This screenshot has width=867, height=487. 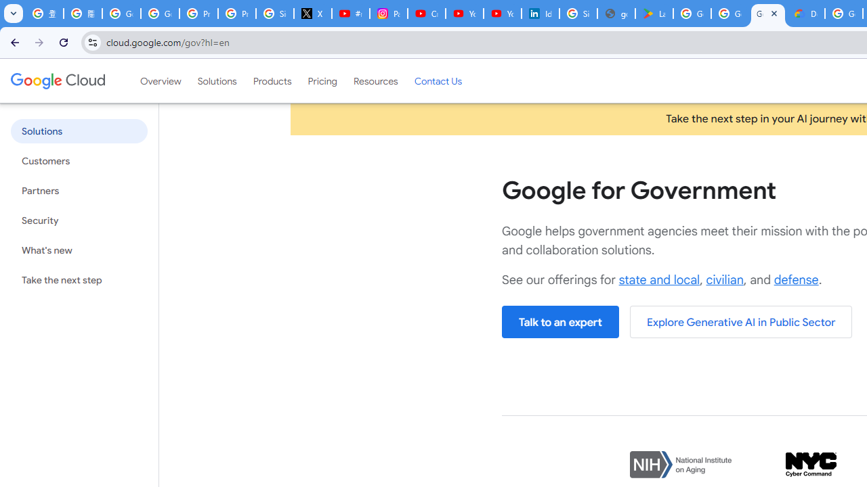 What do you see at coordinates (768, 14) in the screenshot?
I see `'Government | Google Cloud'` at bounding box center [768, 14].